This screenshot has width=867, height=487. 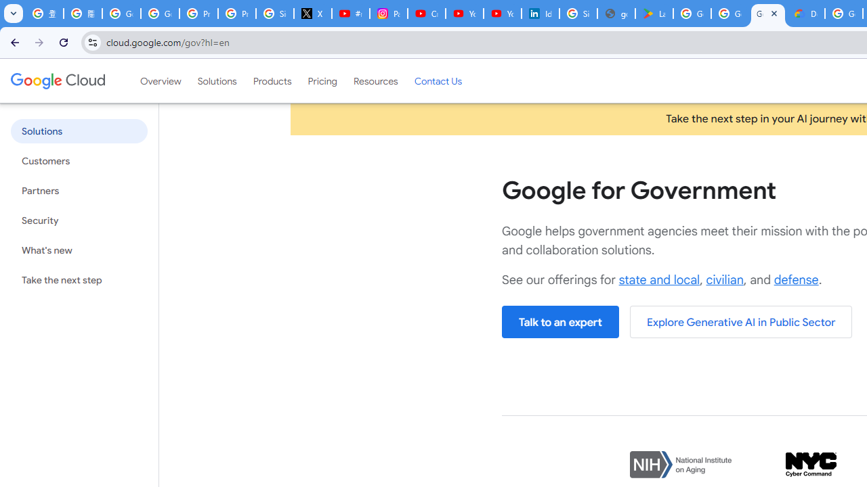 What do you see at coordinates (768, 14) in the screenshot?
I see `'Government | Google Cloud'` at bounding box center [768, 14].